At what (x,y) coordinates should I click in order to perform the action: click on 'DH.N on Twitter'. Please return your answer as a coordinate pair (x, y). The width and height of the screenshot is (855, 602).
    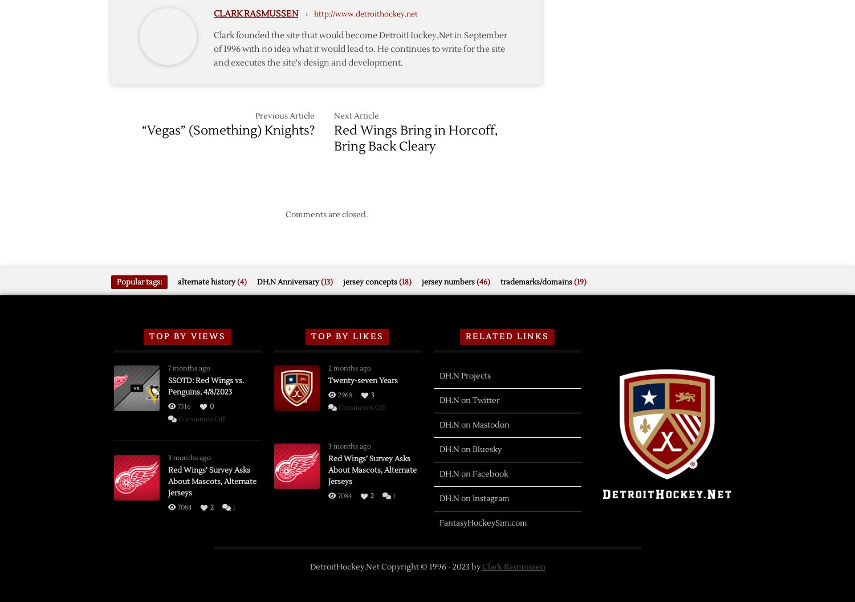
    Looking at the image, I should click on (469, 400).